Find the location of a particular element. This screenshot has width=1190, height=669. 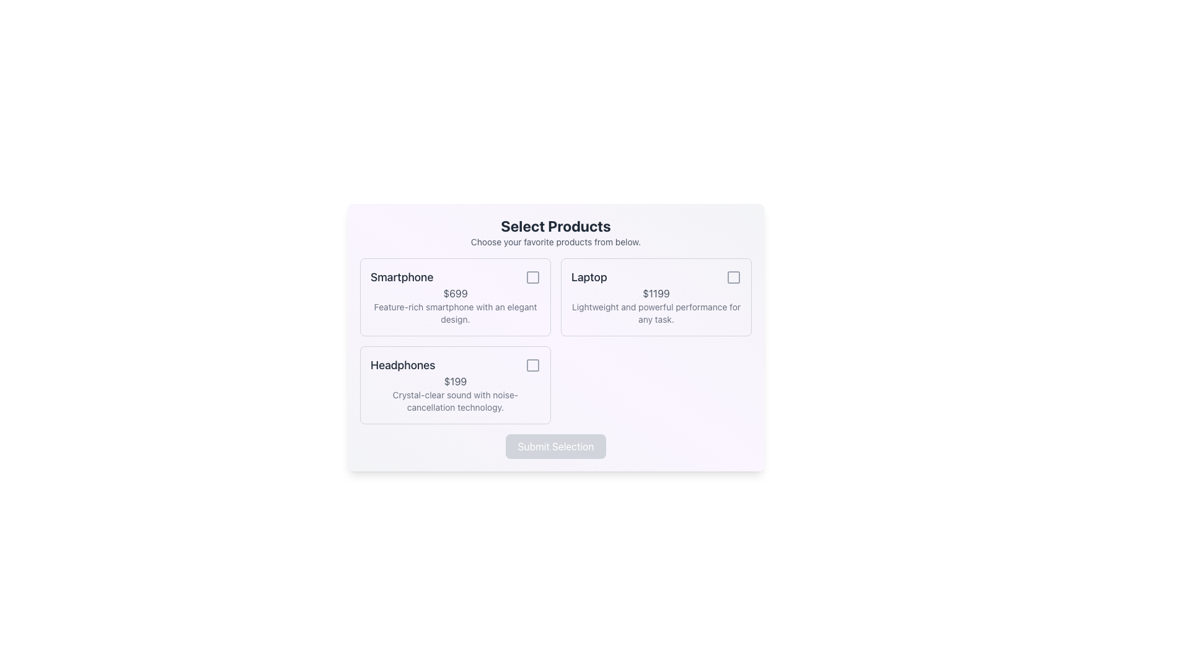

the 'Submit Selection' button, which has rounded corners and a light gray background, to attempt submission is located at coordinates (555, 447).